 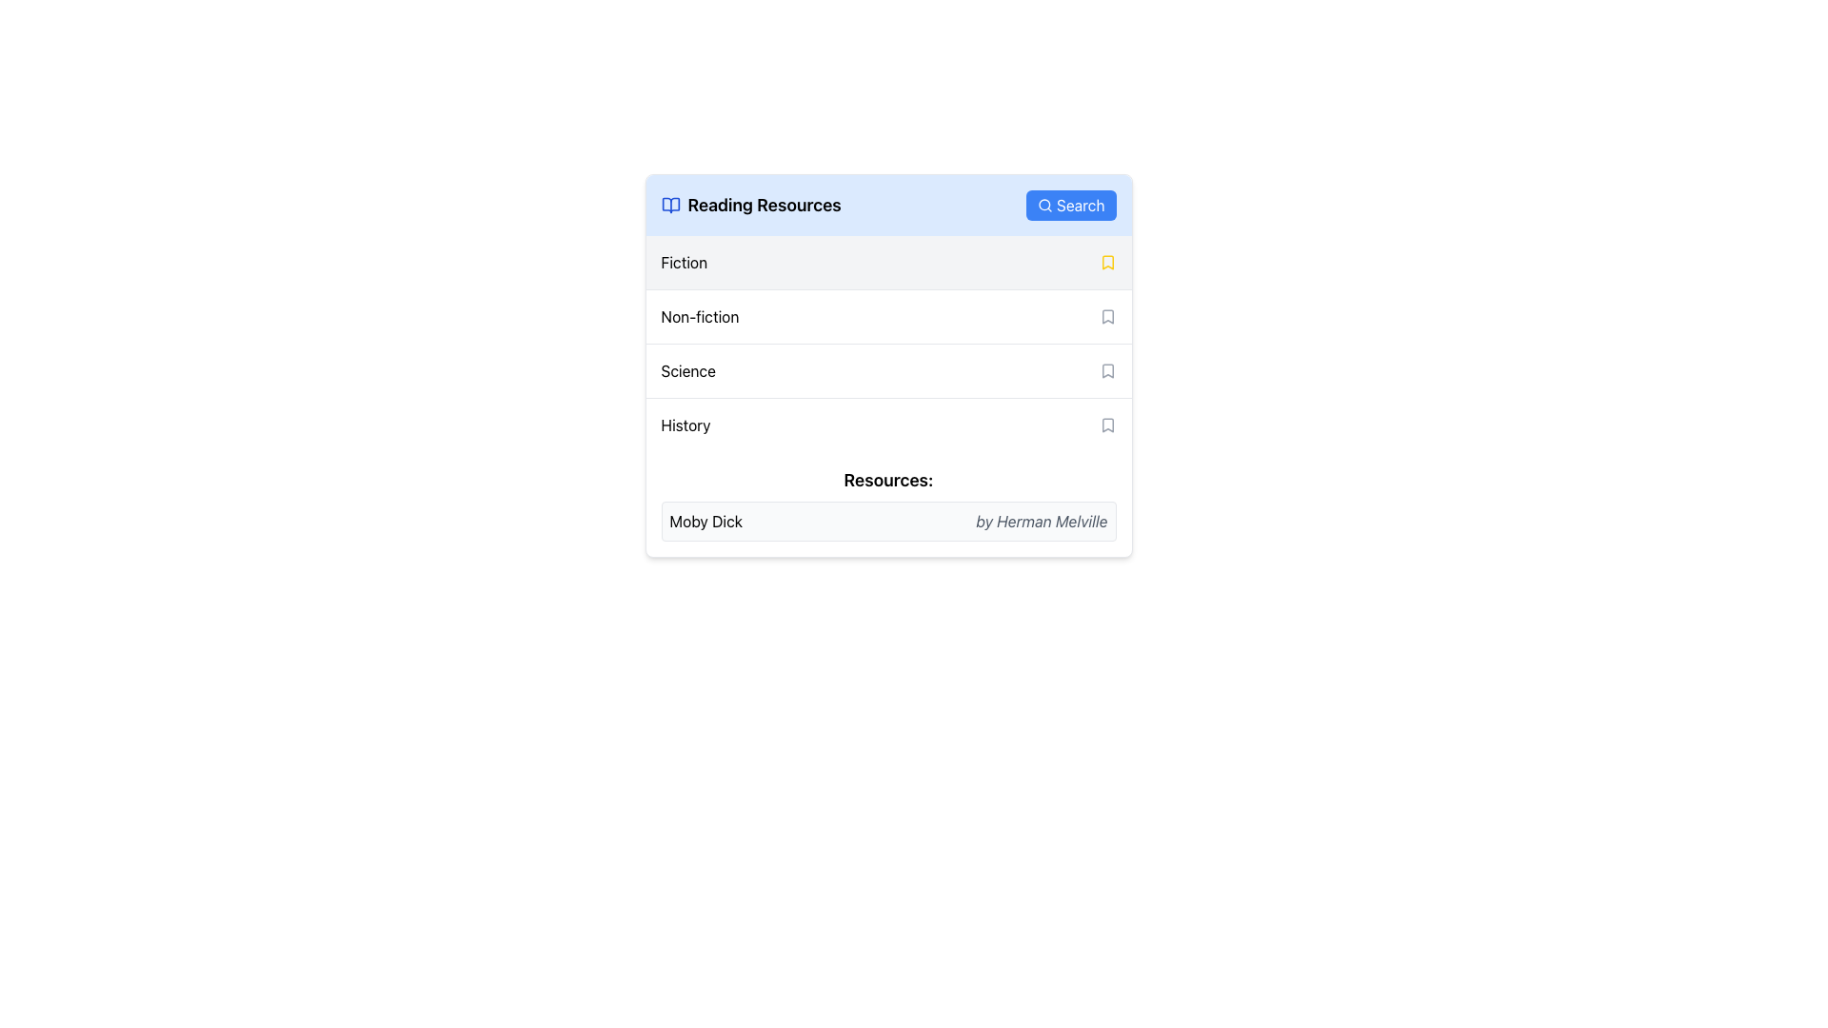 What do you see at coordinates (1107, 315) in the screenshot?
I see `the bookmark icon button for the 'Non-fiction' category located in the second row of the 'Reading Resources' panel, which is the second icon from the top aligned to the right` at bounding box center [1107, 315].